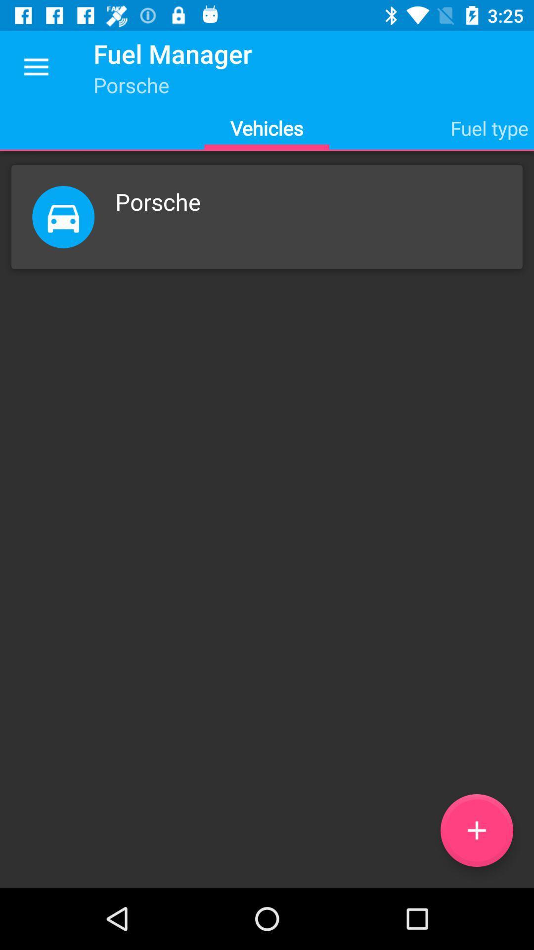 This screenshot has width=534, height=950. Describe the element at coordinates (476, 830) in the screenshot. I see `more vehicles option` at that location.